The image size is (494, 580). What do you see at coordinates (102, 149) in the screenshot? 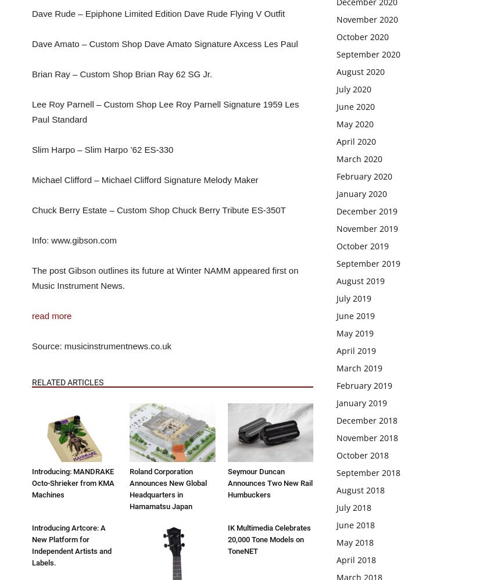
I see `'Slim Harpo – Slim Harpo ’62 ES-330'` at bounding box center [102, 149].